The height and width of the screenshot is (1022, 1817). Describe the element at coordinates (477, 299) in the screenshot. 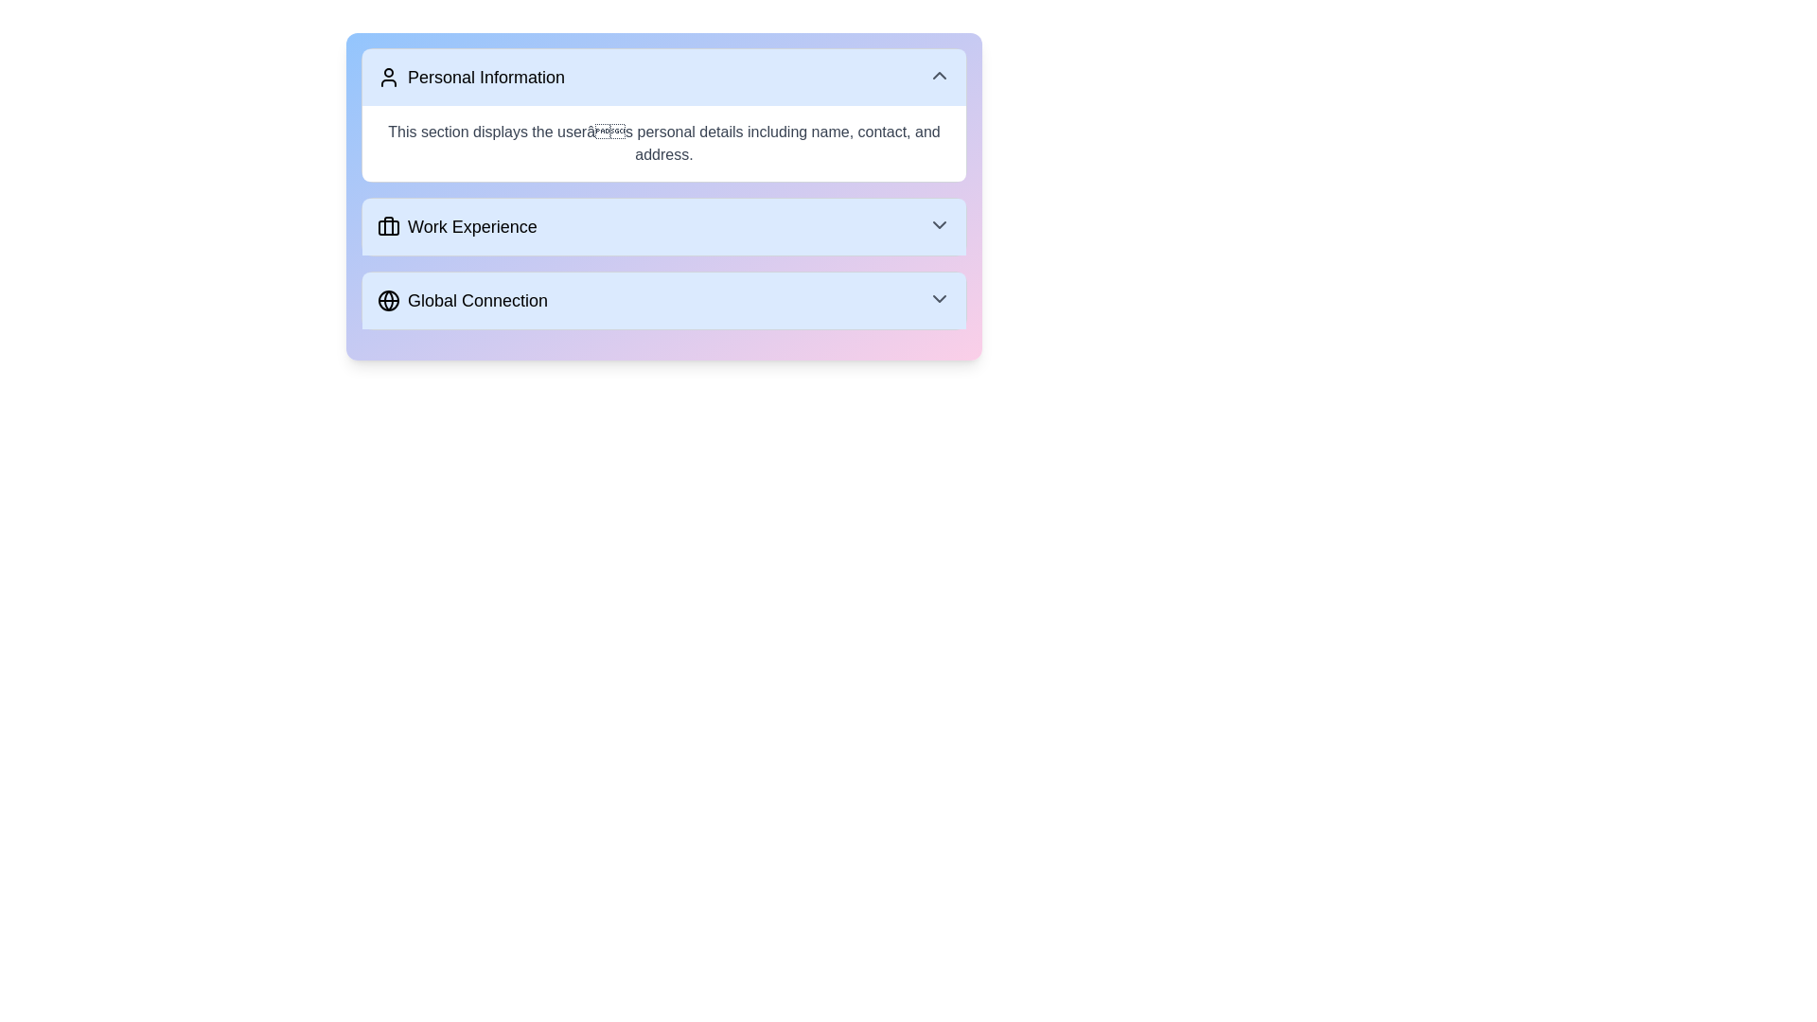

I see `the label indicating global connections located to the right of the globe icon in the bottom section of the interface` at that location.